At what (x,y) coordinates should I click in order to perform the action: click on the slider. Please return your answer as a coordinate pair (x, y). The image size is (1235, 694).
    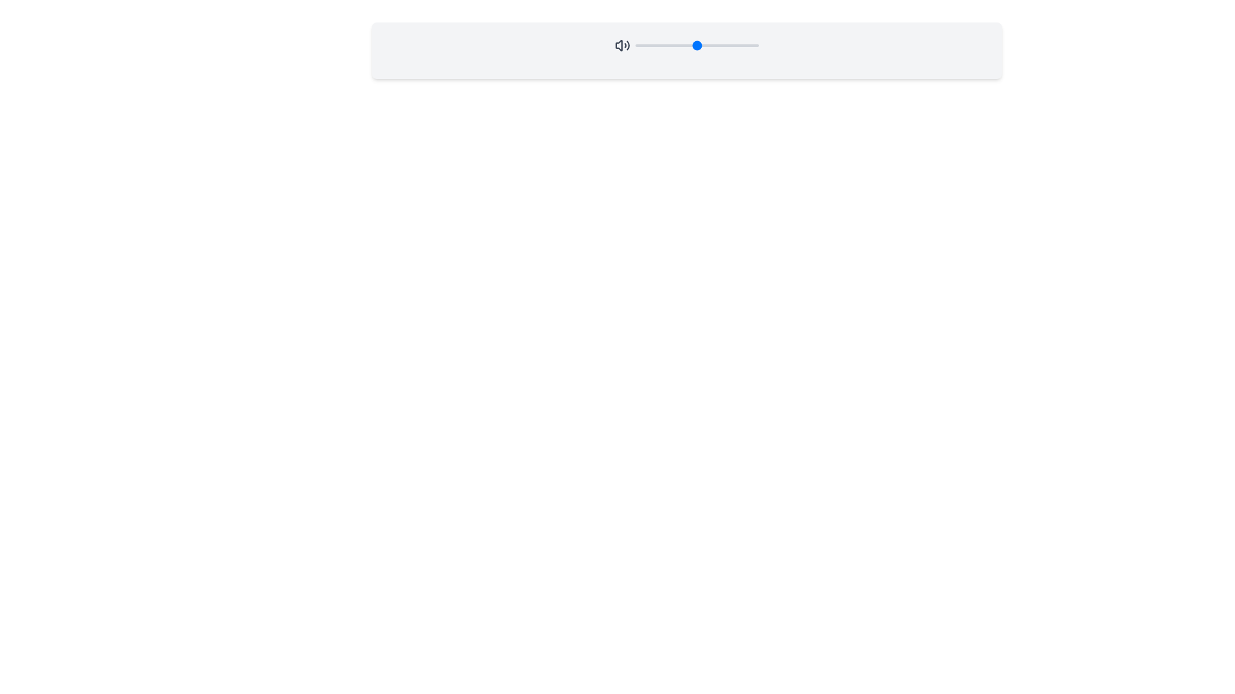
    Looking at the image, I should click on (727, 44).